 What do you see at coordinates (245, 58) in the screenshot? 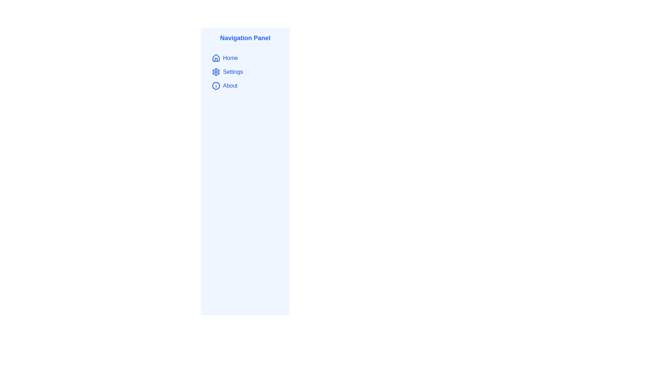
I see `the 'Home' navigation button located at the top of the vertically aligned navigation panel` at bounding box center [245, 58].